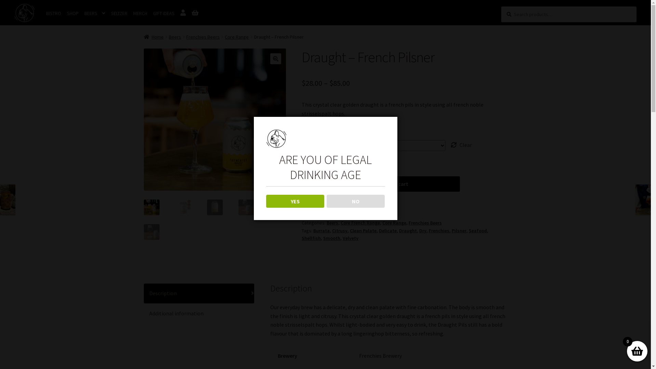 This screenshot has height=369, width=656. I want to click on 'Smooth', so click(323, 238).